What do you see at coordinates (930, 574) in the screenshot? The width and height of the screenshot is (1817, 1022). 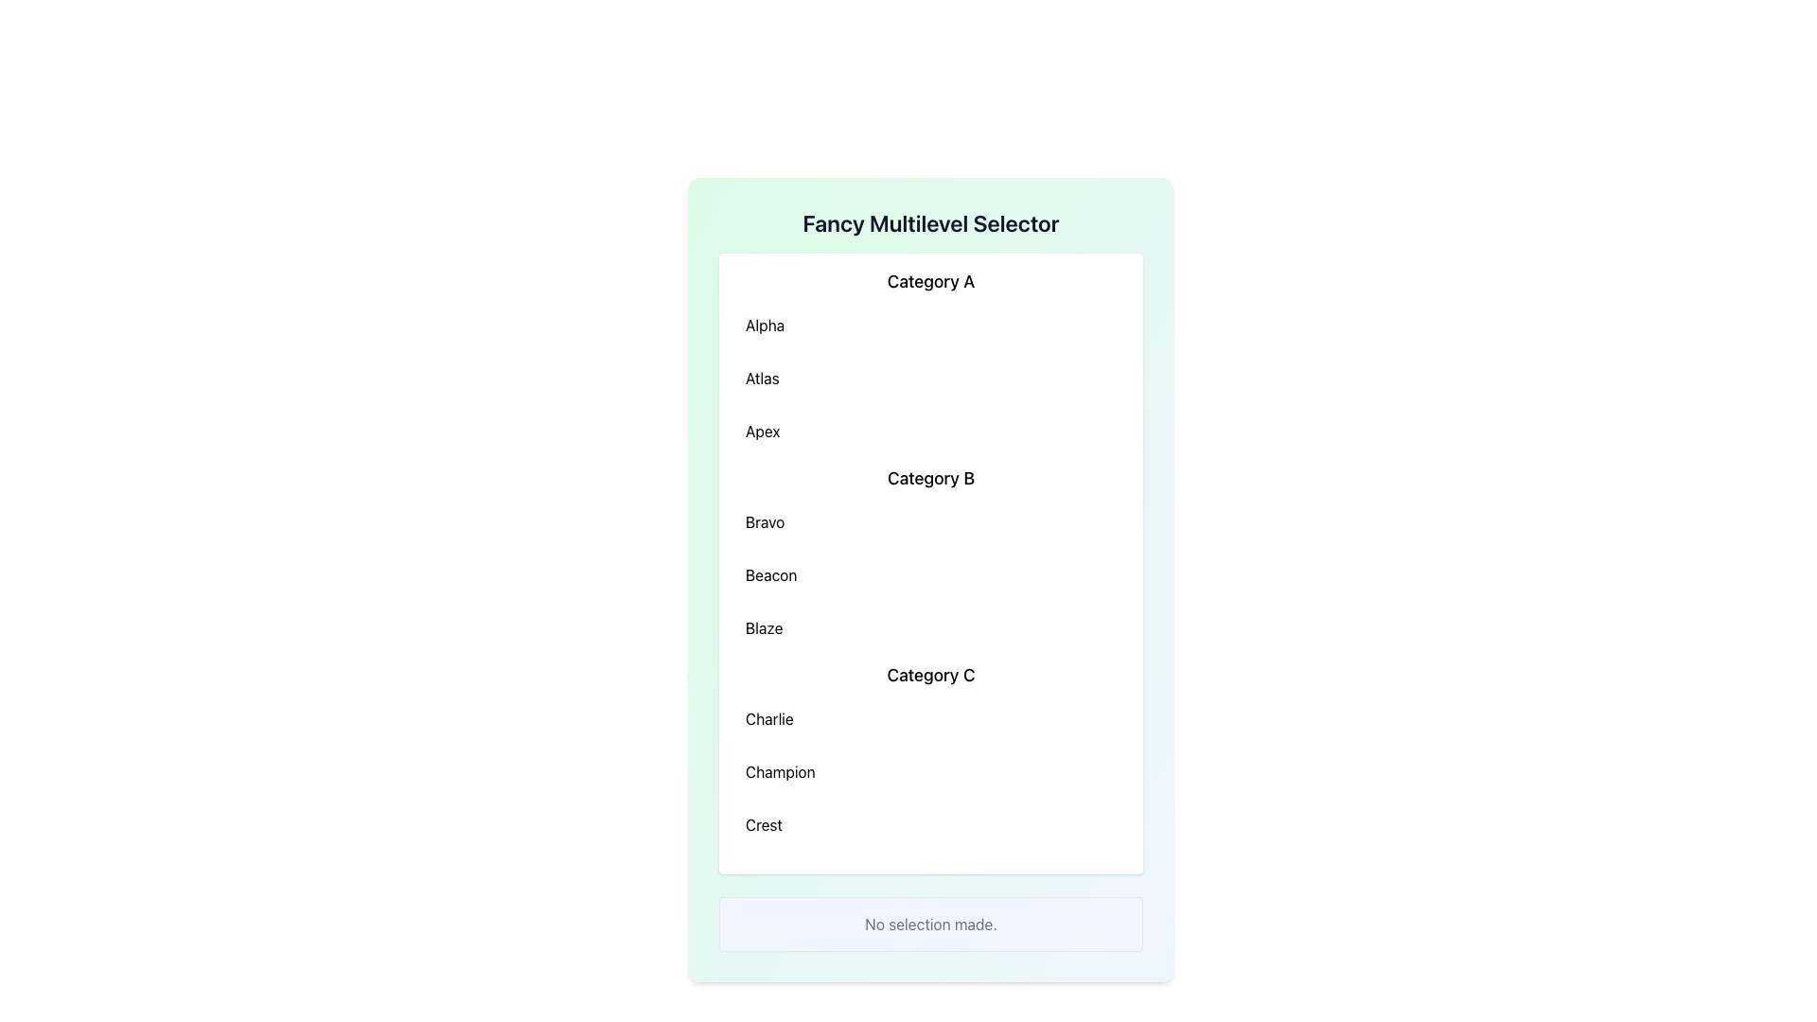 I see `the 'Beacon' button, which is the second item in the 'Category B' section of the vertically aligned list` at bounding box center [930, 574].